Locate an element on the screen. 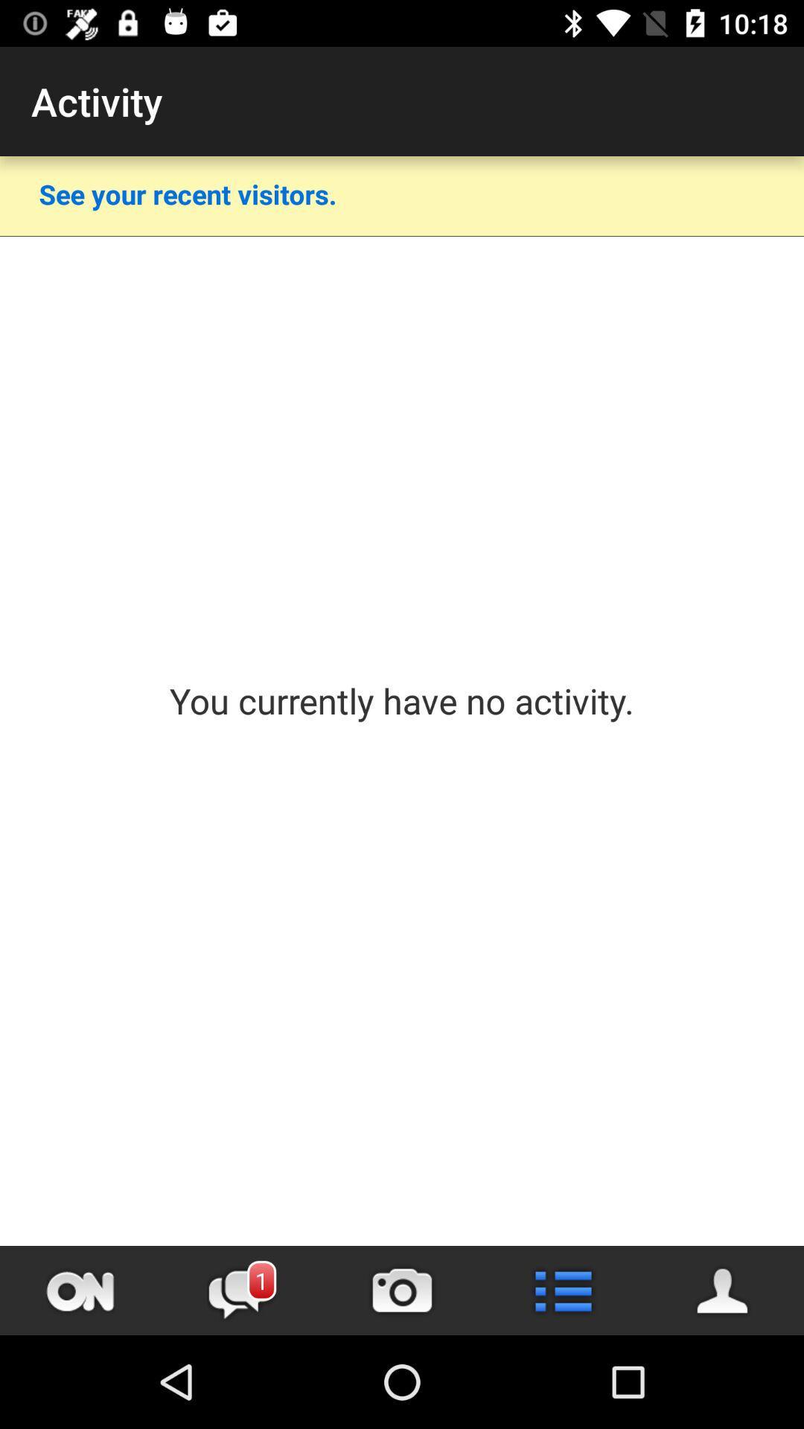 This screenshot has width=804, height=1429. take a picture is located at coordinates (402, 1290).